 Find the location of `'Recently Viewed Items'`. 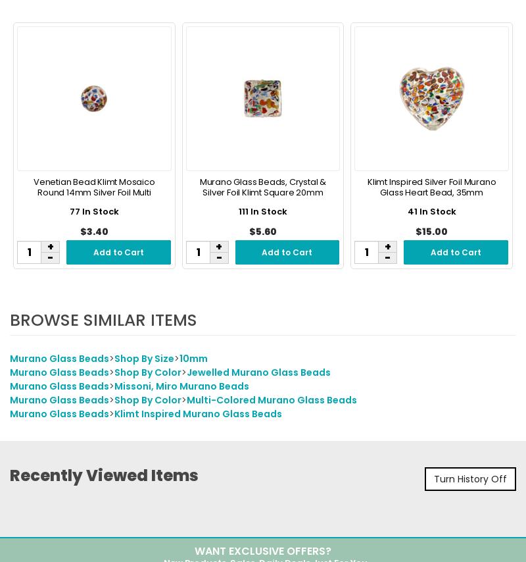

'Recently Viewed Items' is located at coordinates (104, 476).